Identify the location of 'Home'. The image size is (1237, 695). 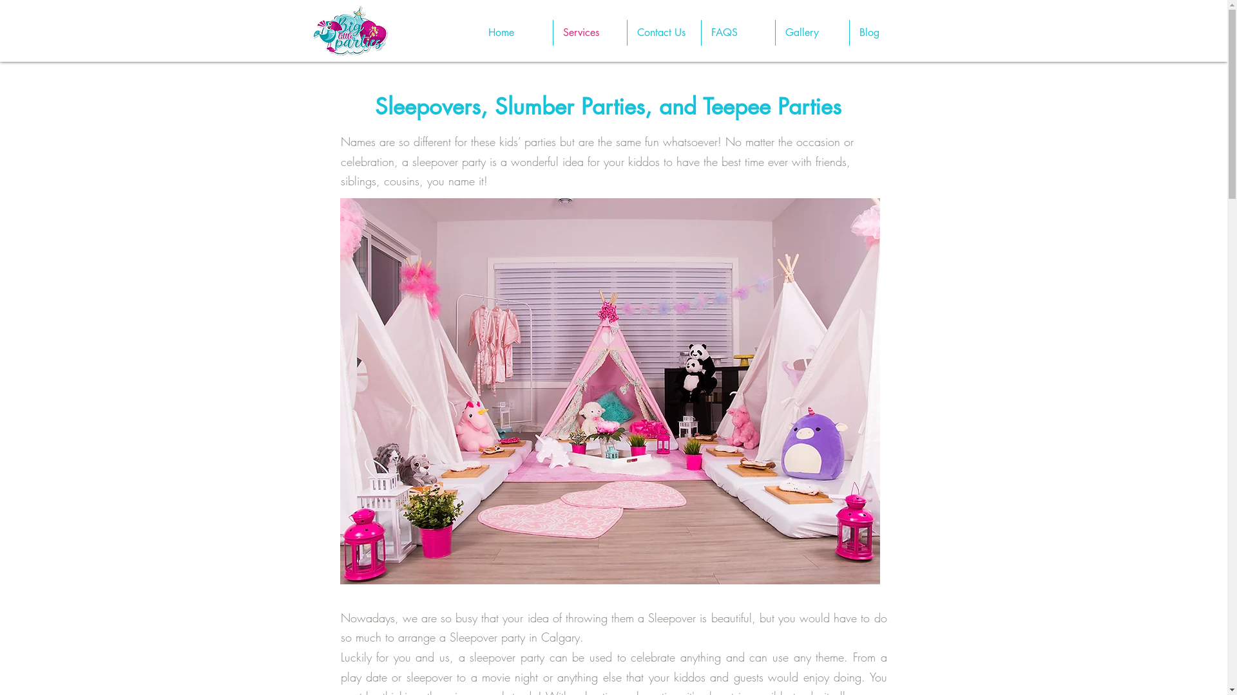
(477, 32).